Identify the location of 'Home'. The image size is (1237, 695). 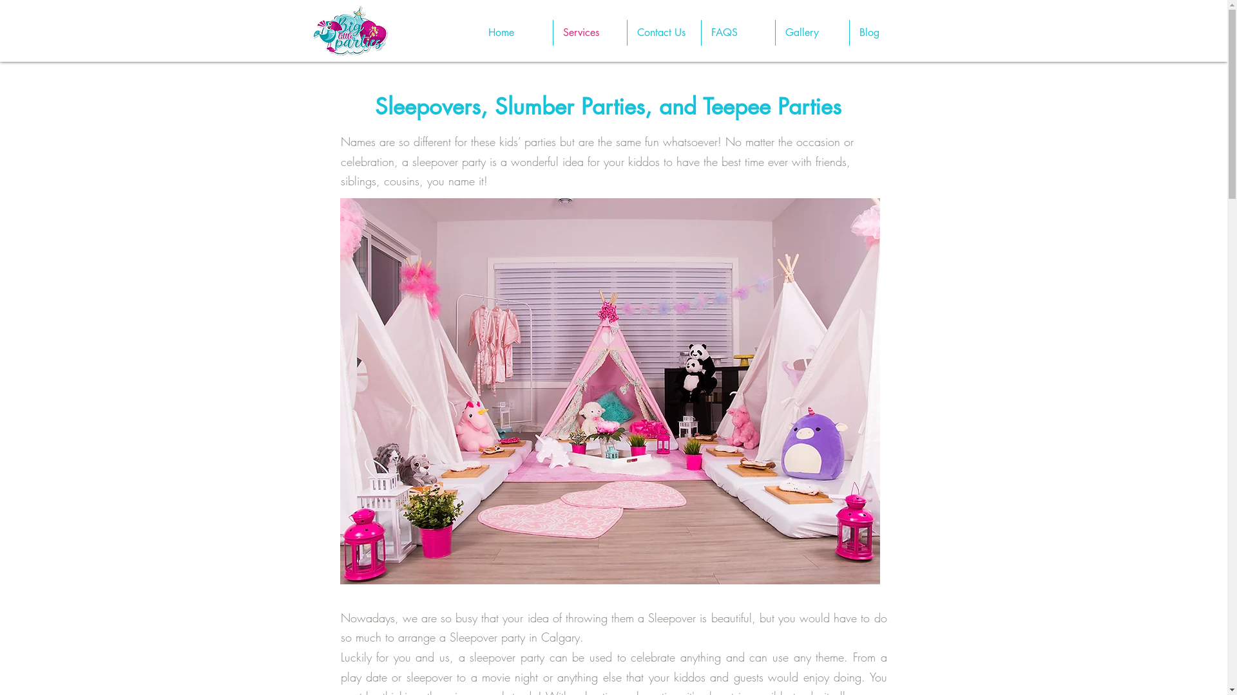
(477, 32).